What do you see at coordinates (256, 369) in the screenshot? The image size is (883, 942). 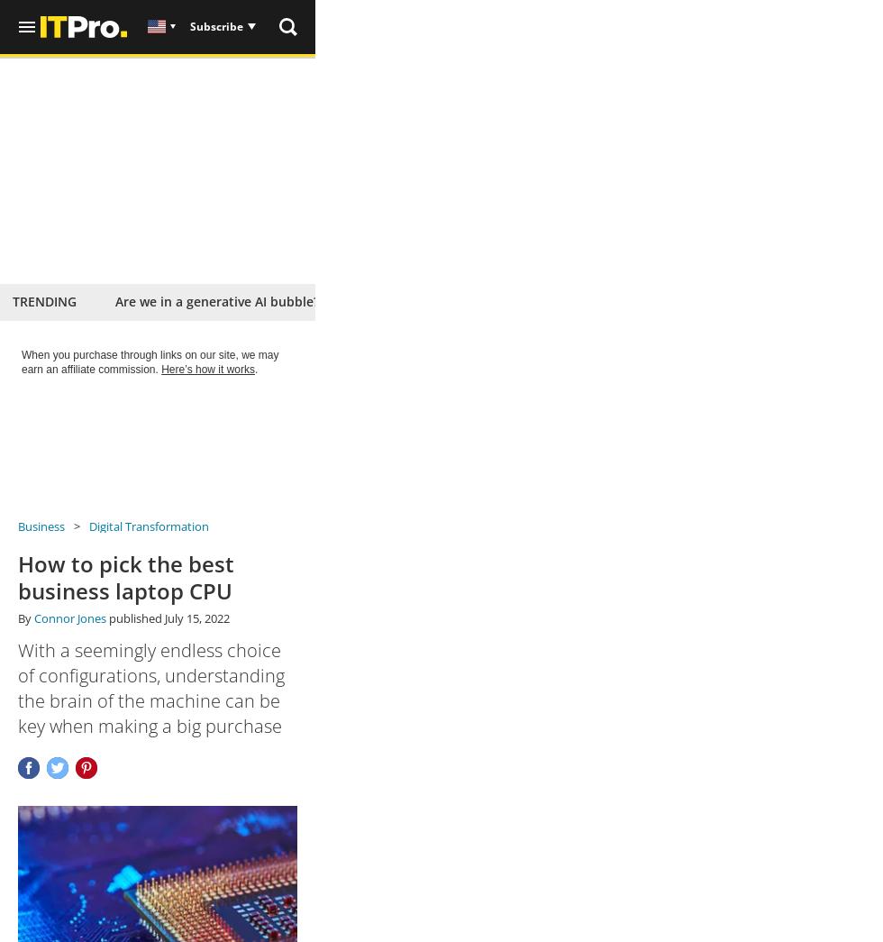 I see `'.'` at bounding box center [256, 369].